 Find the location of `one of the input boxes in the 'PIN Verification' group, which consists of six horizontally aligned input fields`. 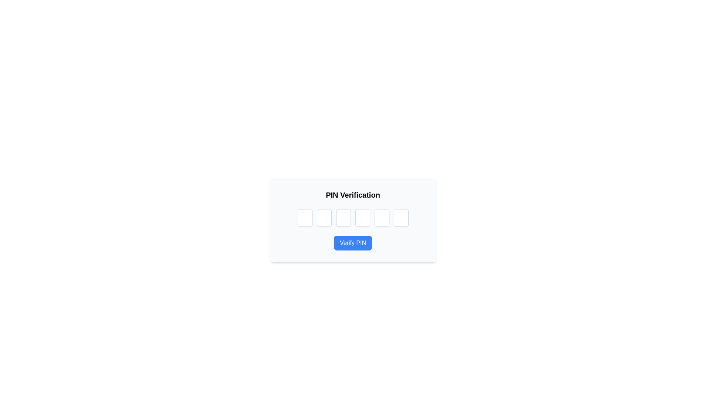

one of the input boxes in the 'PIN Verification' group, which consists of six horizontally aligned input fields is located at coordinates (352, 218).